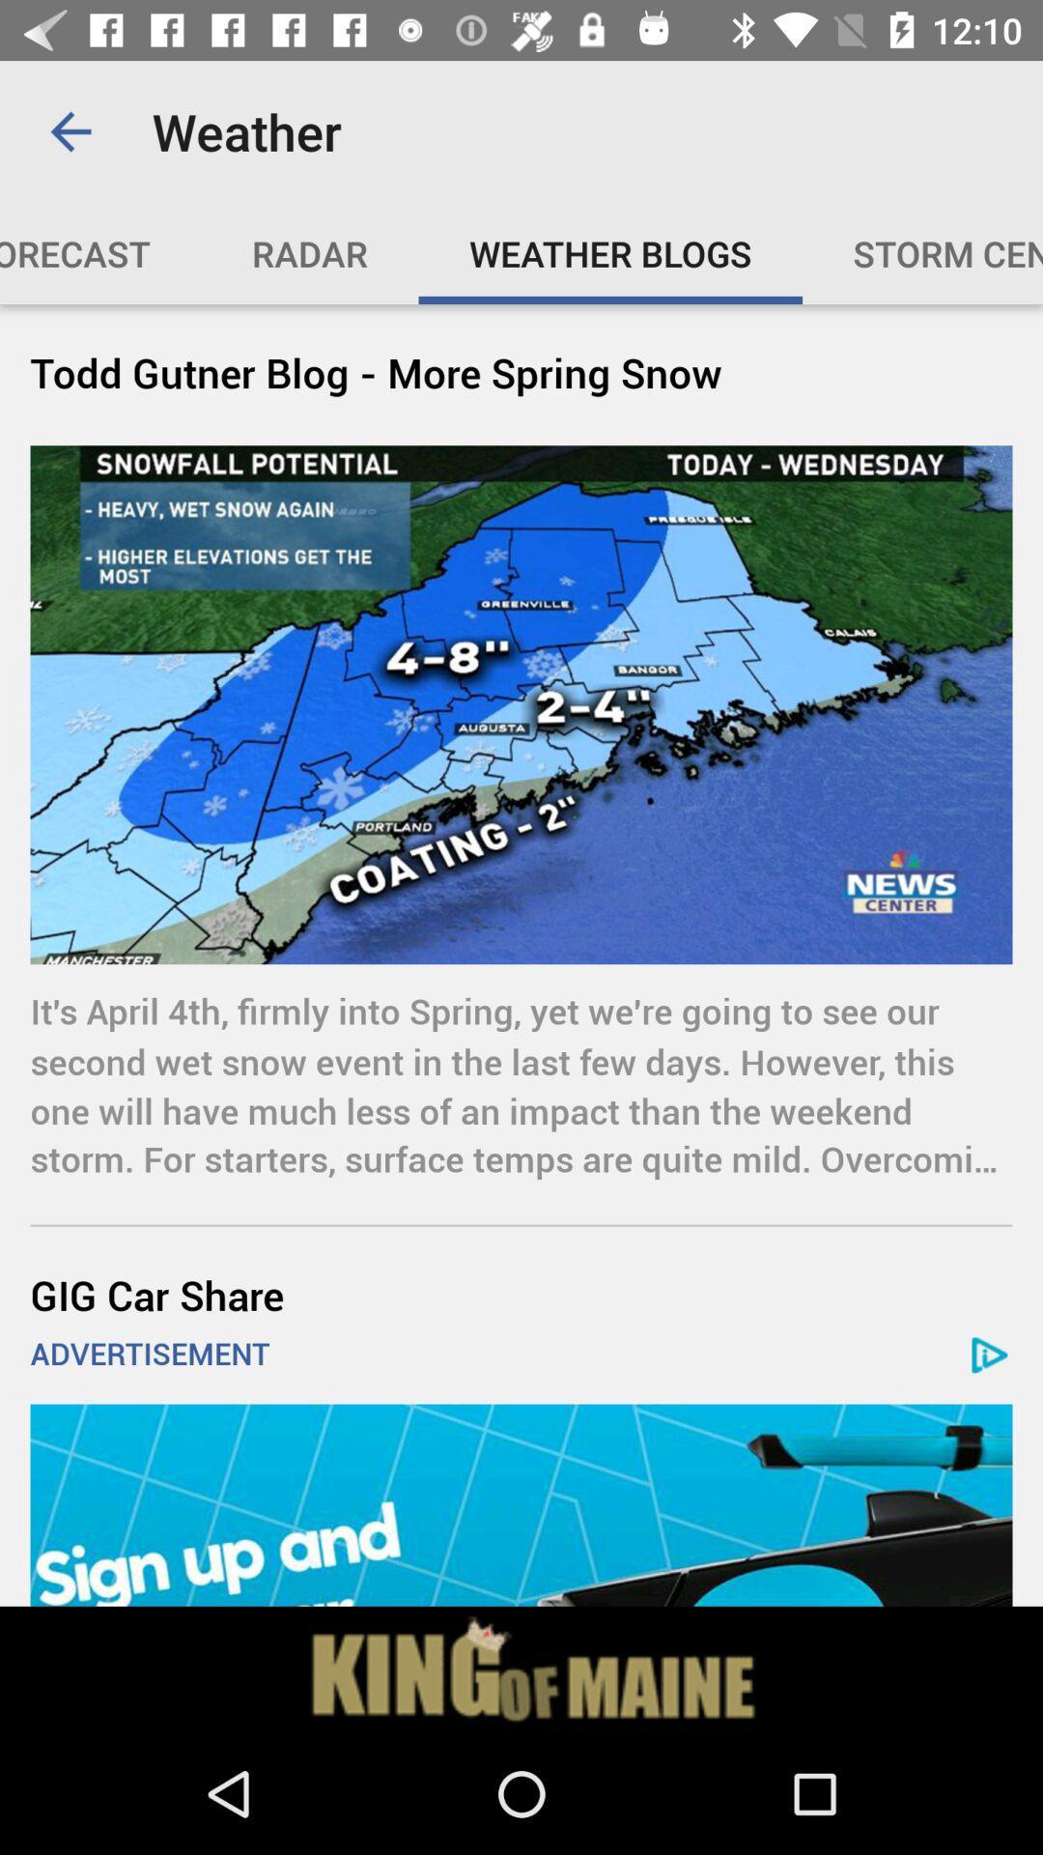 The height and width of the screenshot is (1855, 1043). Describe the element at coordinates (521, 1295) in the screenshot. I see `icon below the it s april item` at that location.